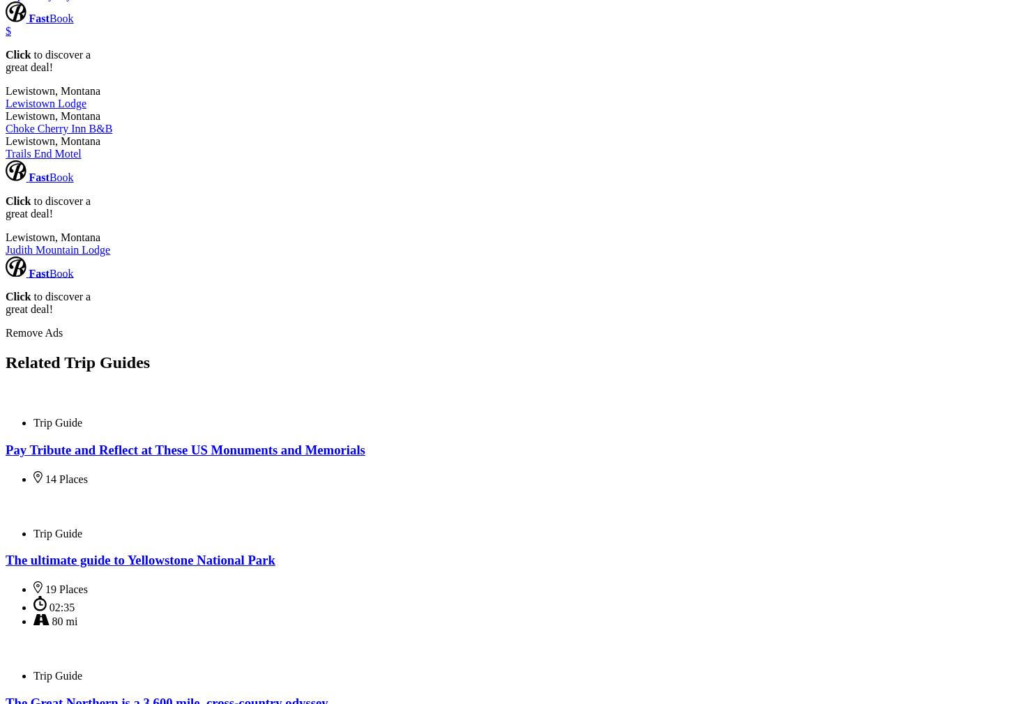  Describe the element at coordinates (8, 30) in the screenshot. I see `'$'` at that location.